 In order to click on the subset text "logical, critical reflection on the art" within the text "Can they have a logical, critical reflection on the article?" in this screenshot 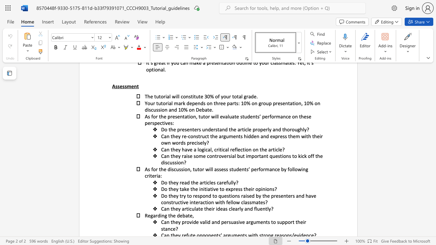, I will do `click(197, 149)`.